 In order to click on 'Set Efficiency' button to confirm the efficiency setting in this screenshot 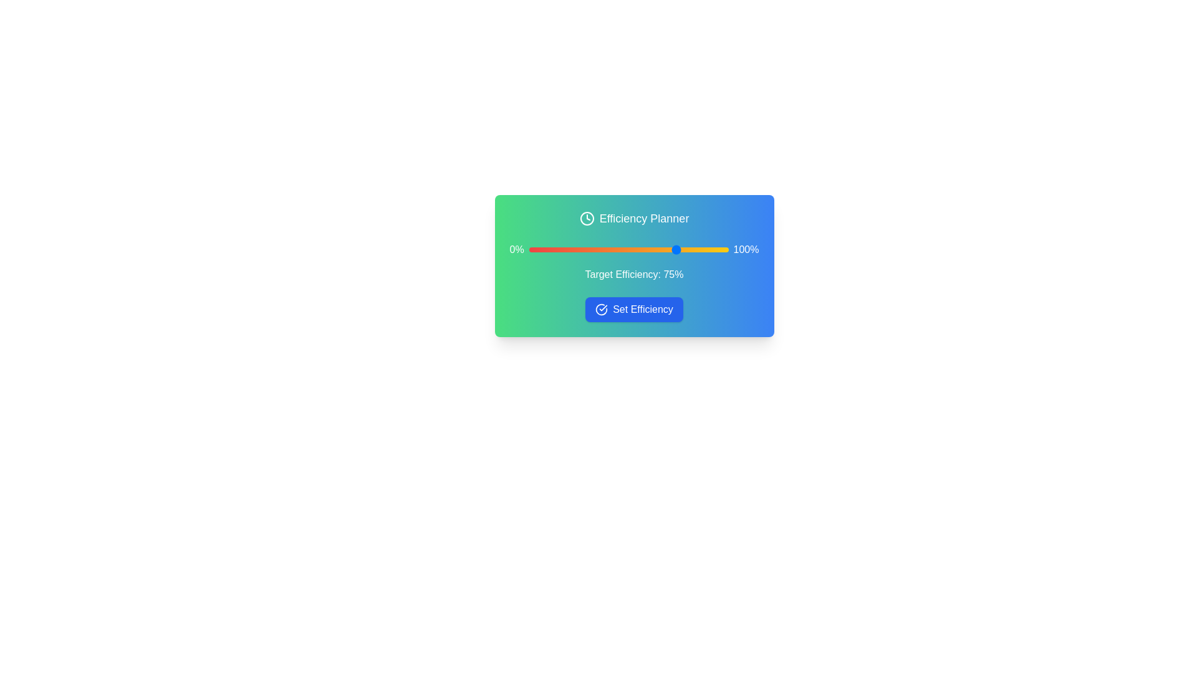, I will do `click(634, 309)`.